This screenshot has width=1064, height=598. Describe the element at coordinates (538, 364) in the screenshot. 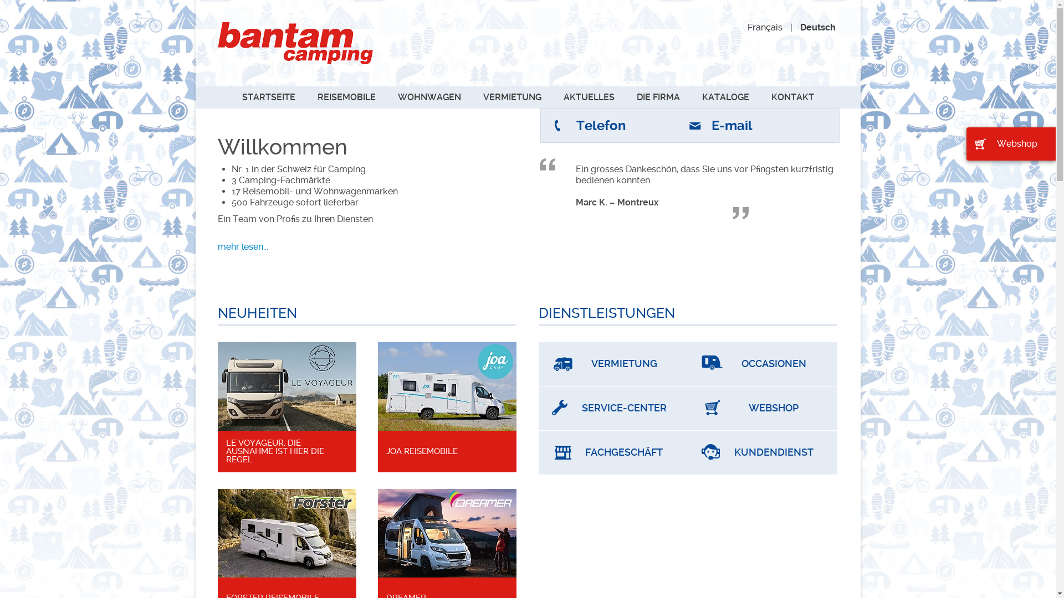

I see `'VERMIETUNG'` at that location.